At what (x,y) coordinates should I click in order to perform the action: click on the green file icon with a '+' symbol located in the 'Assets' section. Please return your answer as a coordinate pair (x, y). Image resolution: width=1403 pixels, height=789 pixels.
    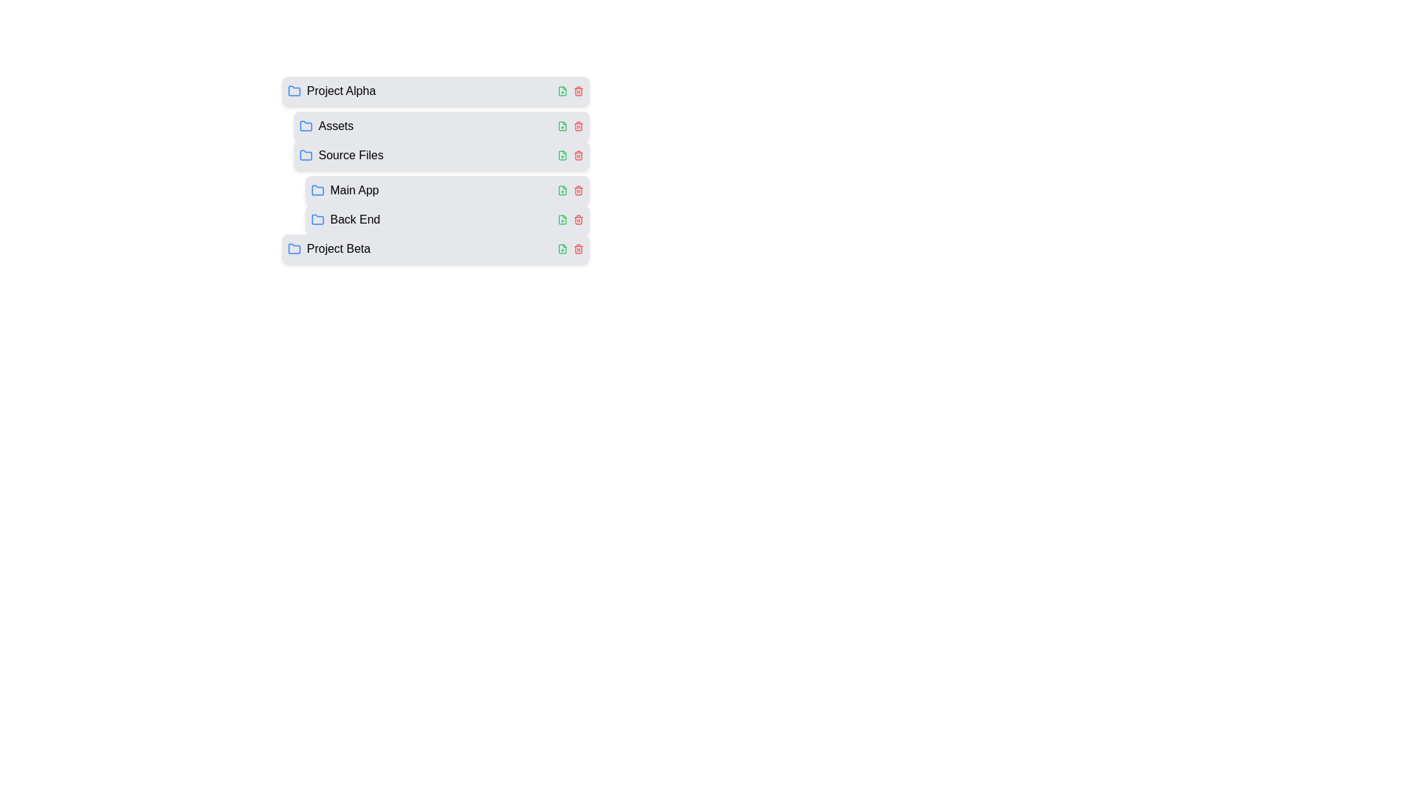
    Looking at the image, I should click on (561, 126).